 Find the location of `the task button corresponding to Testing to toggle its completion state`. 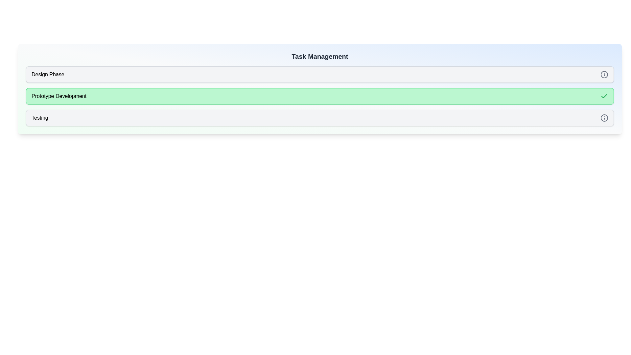

the task button corresponding to Testing to toggle its completion state is located at coordinates (320, 117).